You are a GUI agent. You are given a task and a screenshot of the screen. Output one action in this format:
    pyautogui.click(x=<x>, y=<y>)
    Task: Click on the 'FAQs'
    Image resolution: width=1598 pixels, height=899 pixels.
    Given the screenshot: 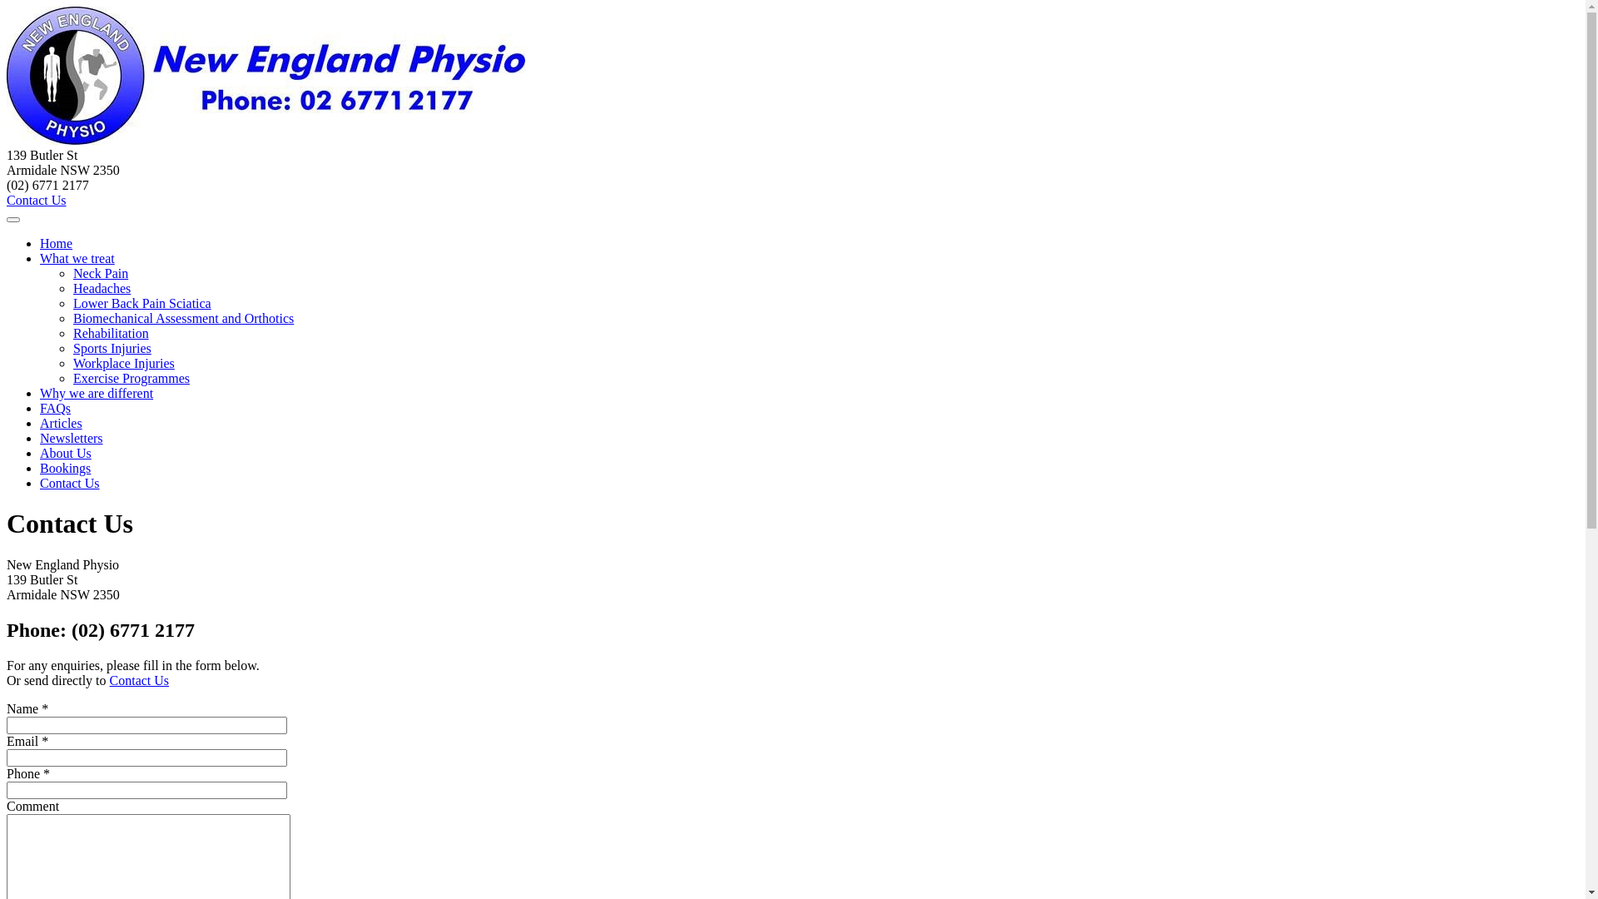 What is the action you would take?
    pyautogui.click(x=55, y=408)
    